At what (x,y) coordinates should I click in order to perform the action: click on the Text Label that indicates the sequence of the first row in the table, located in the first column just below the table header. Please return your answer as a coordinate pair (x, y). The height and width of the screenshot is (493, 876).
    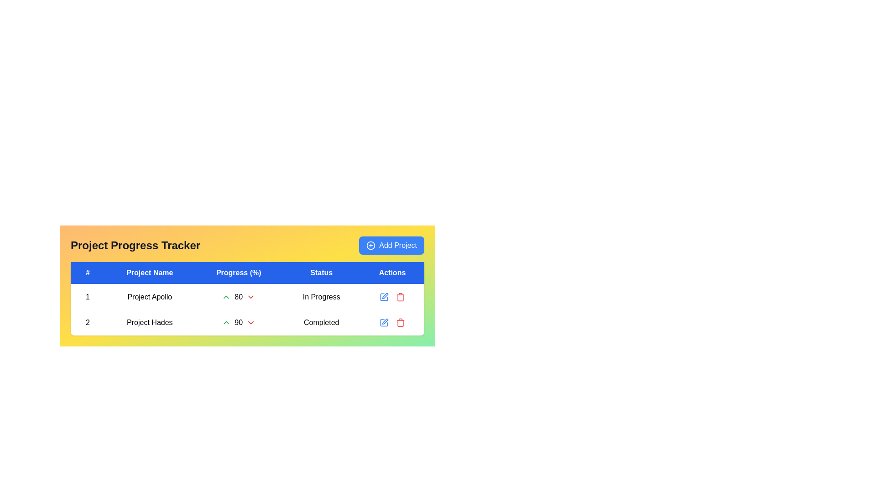
    Looking at the image, I should click on (88, 297).